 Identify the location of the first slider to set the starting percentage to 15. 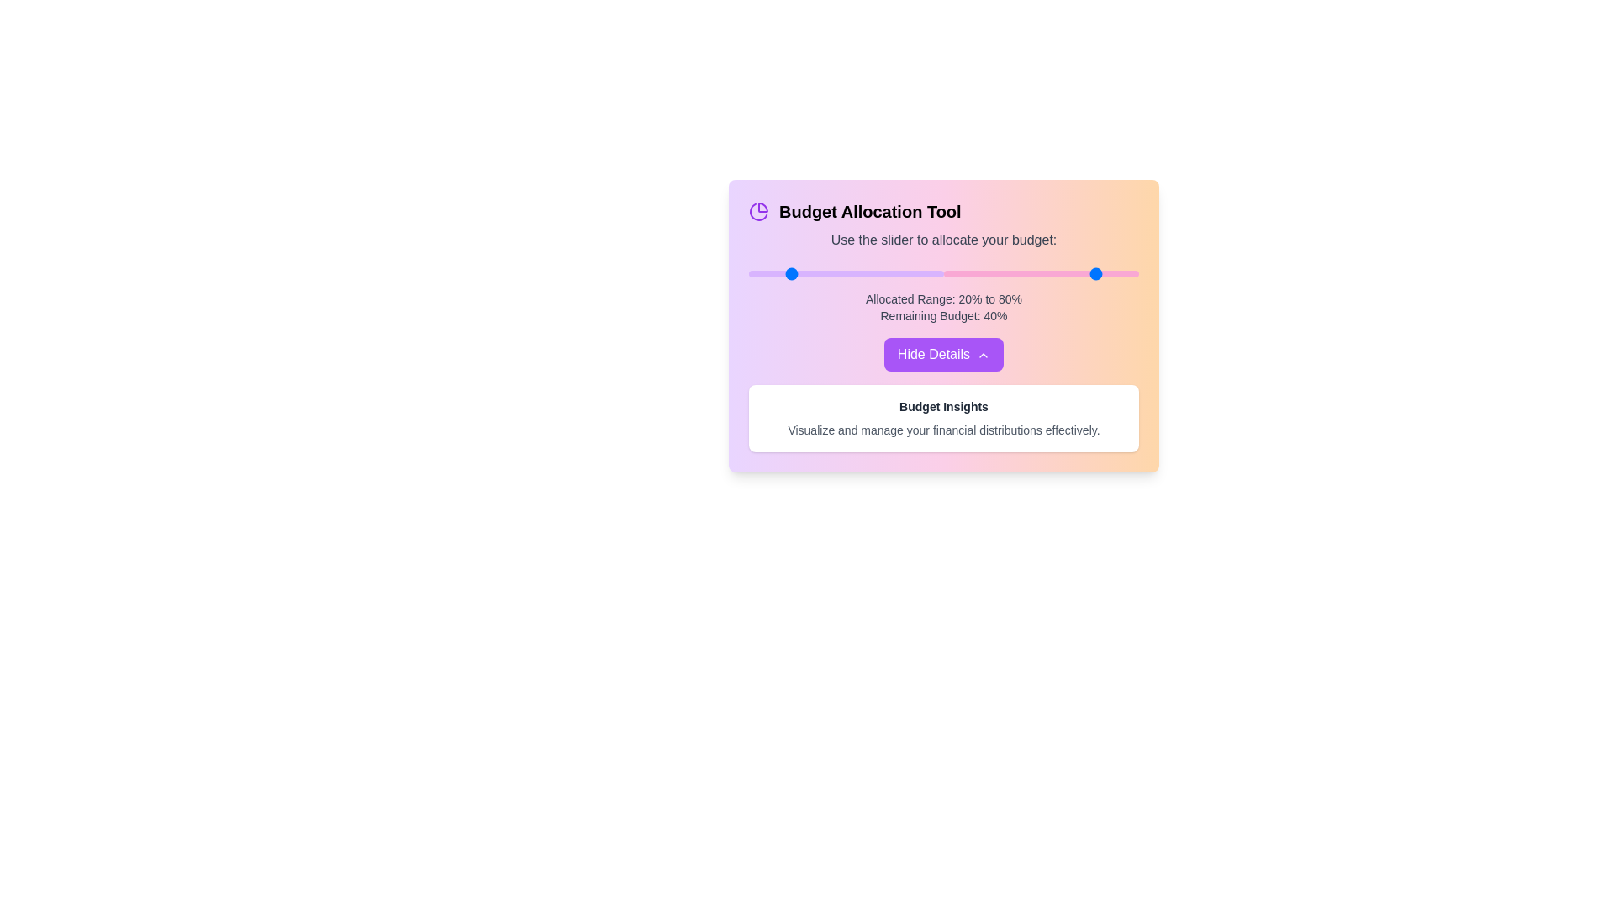
(777, 273).